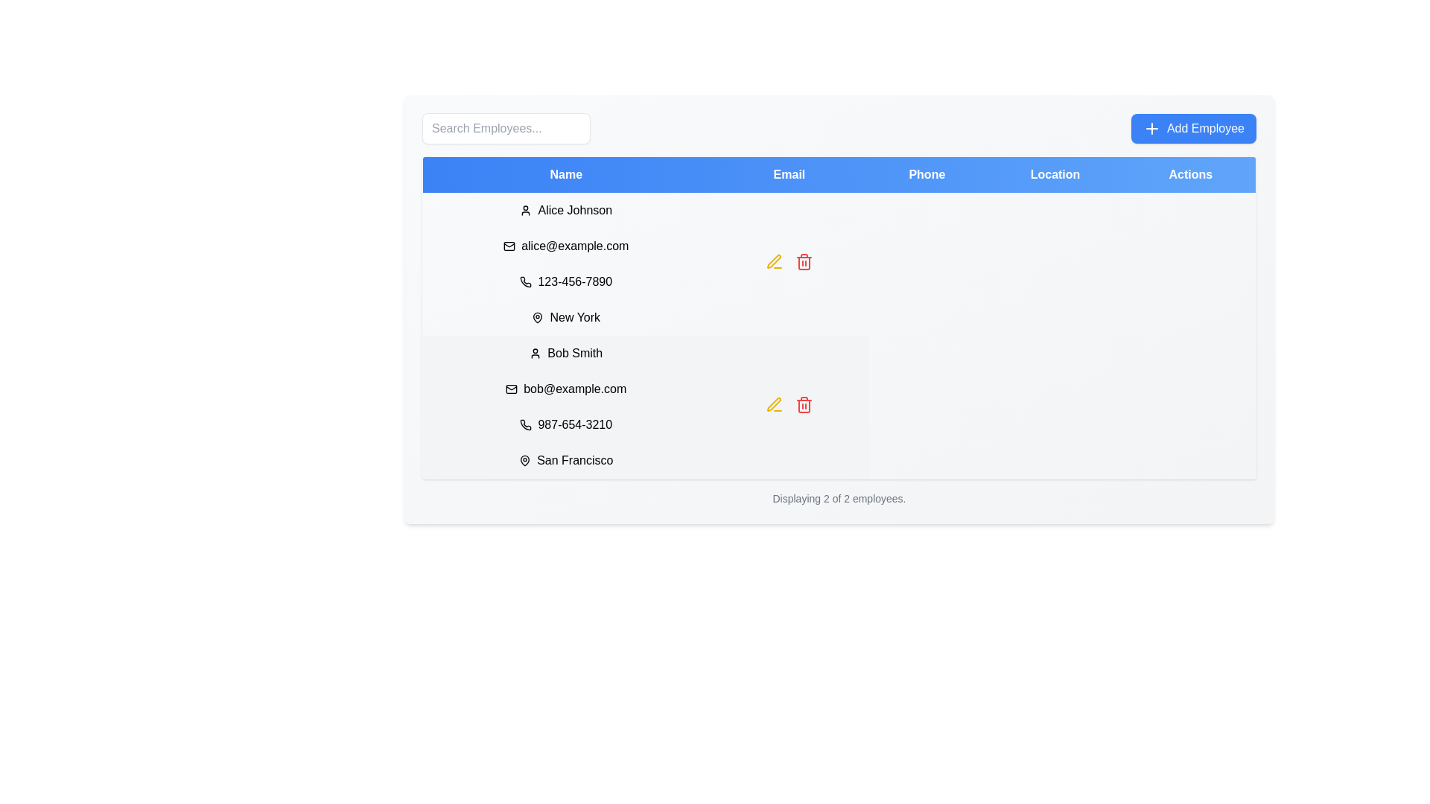 The width and height of the screenshot is (1430, 804). Describe the element at coordinates (565, 246) in the screenshot. I see `the email address displayed for 'Alice Johnson', which is the second piece of information in the row of user details` at that location.